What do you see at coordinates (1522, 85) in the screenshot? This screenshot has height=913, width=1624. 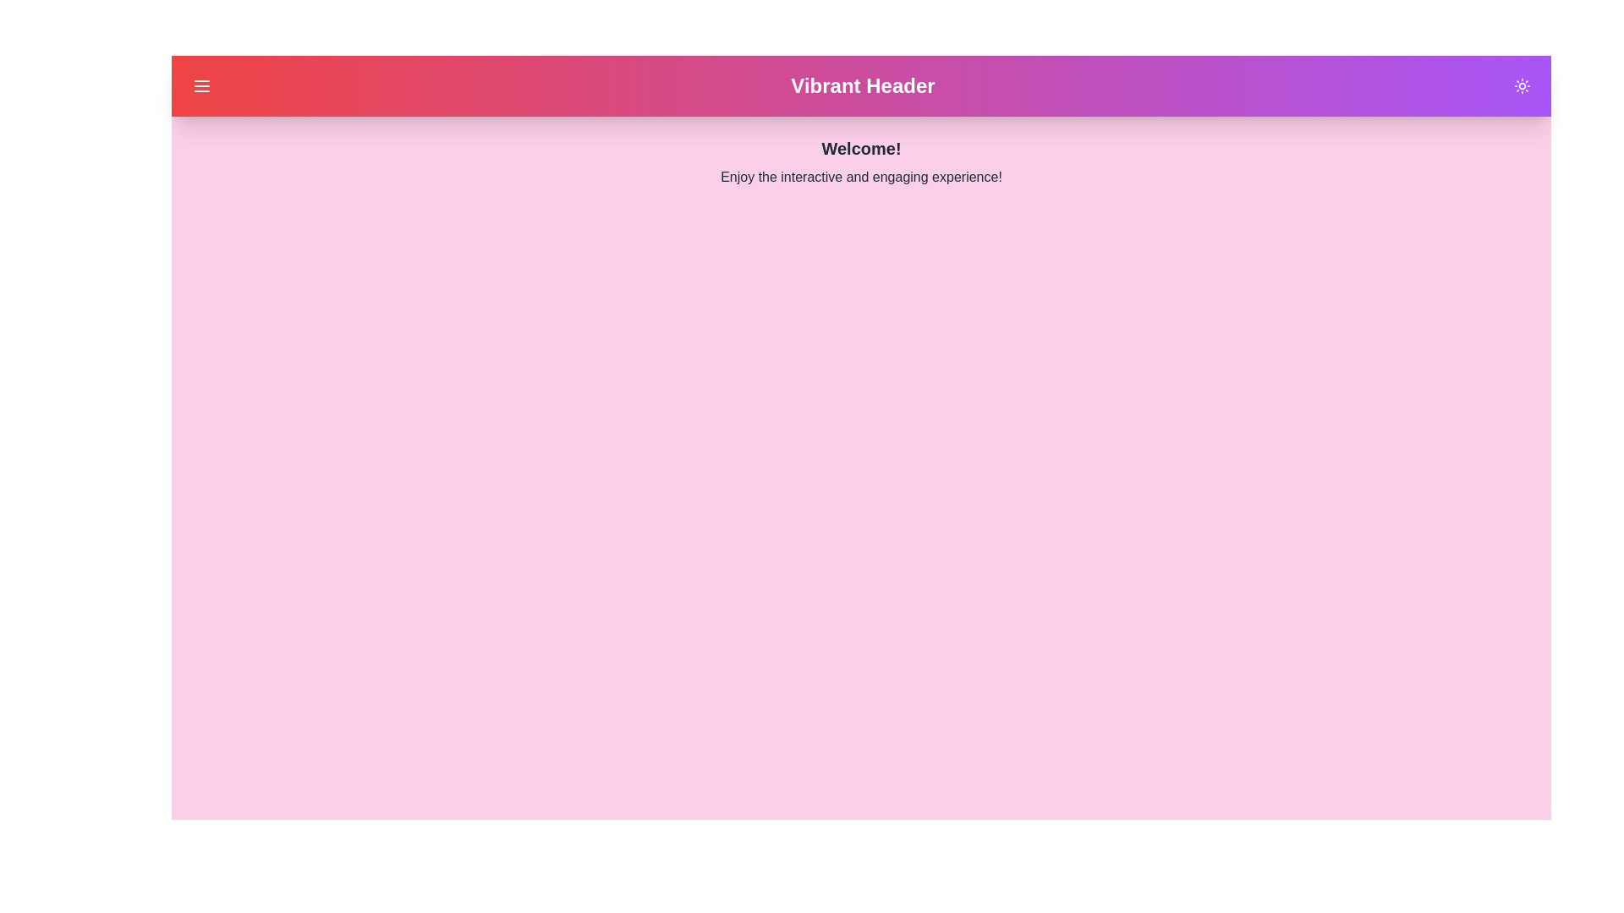 I see `the sun/moon icon in the top-right corner to toggle the theme` at bounding box center [1522, 85].